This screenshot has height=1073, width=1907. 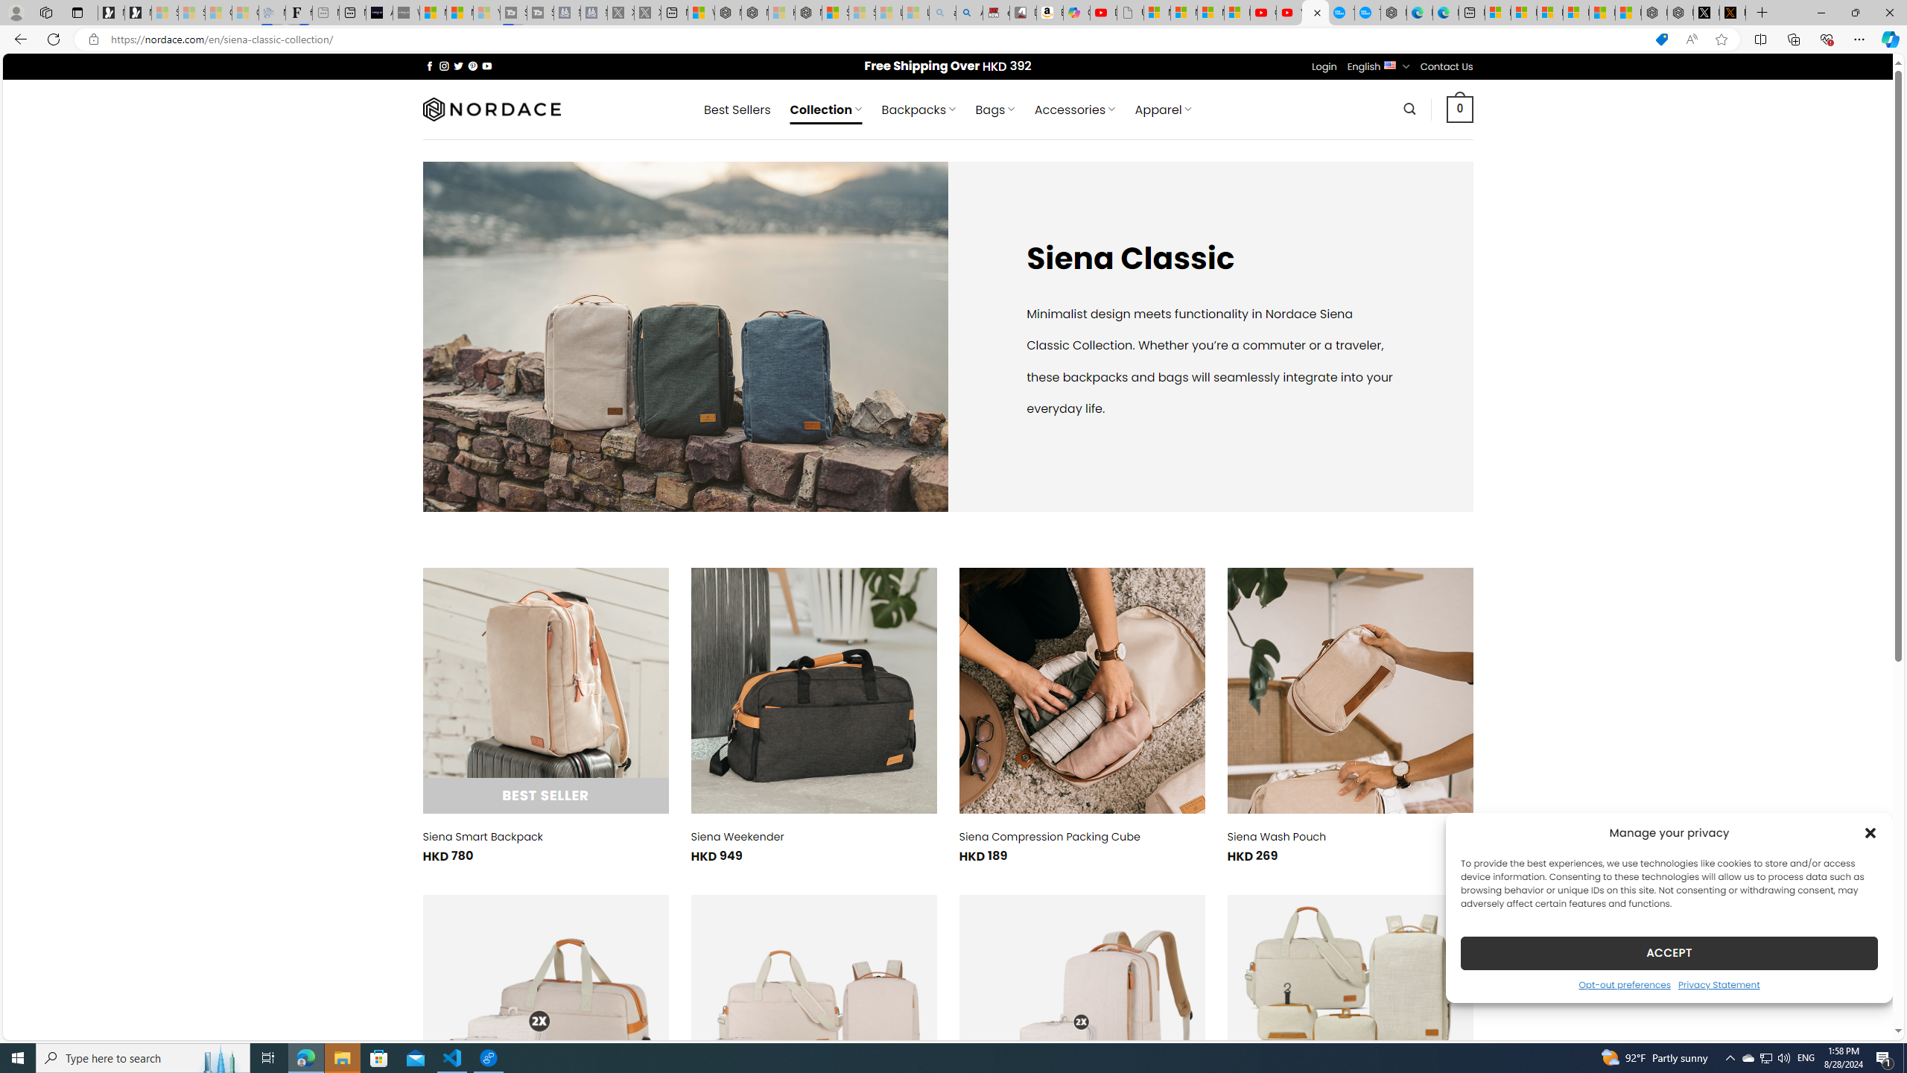 What do you see at coordinates (647, 12) in the screenshot?
I see `'X - Sleeping'` at bounding box center [647, 12].